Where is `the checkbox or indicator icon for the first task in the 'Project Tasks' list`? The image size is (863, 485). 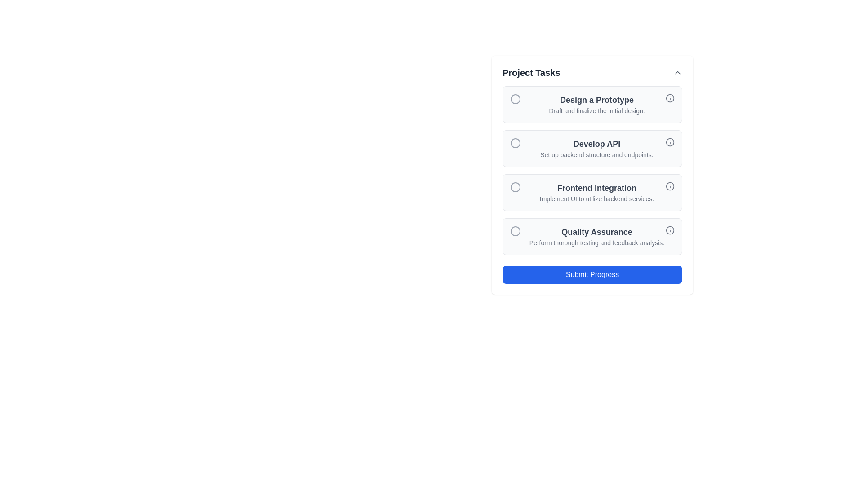
the checkbox or indicator icon for the first task in the 'Project Tasks' list is located at coordinates (516, 99).